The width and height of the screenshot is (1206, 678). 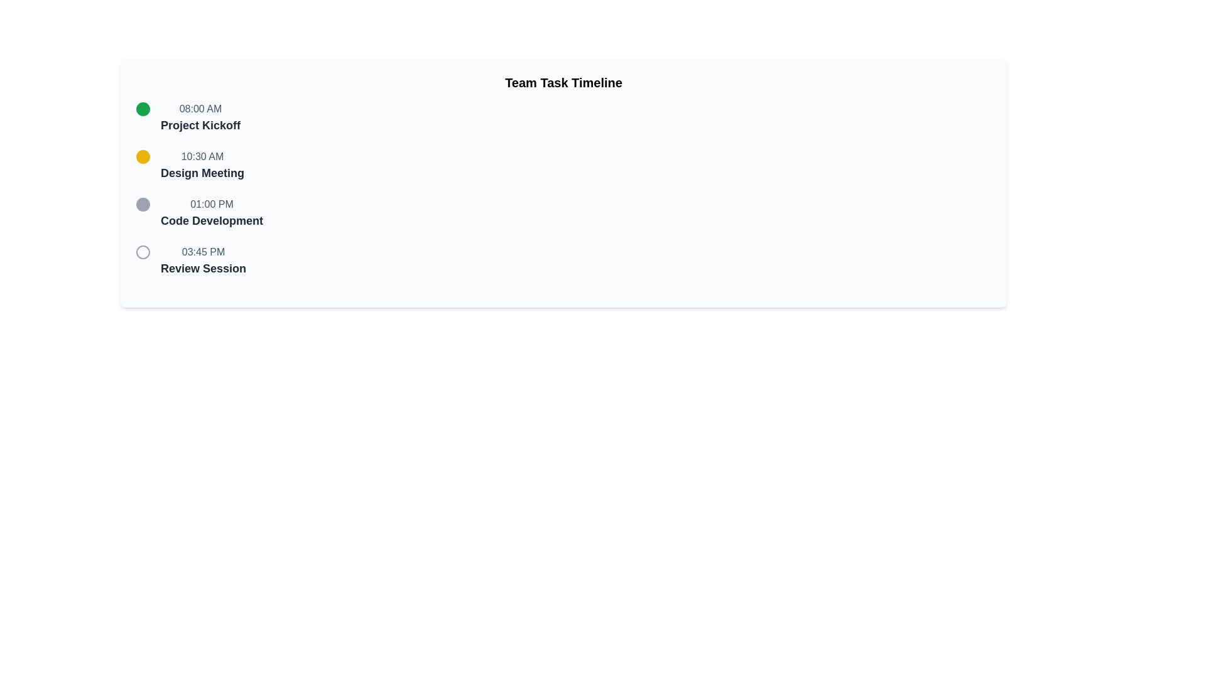 I want to click on the Status Indicator Icon for the '08:00 AM Project Kickoff' entry in the timeline, located at the top-left corner of the entry, so click(x=143, y=110).